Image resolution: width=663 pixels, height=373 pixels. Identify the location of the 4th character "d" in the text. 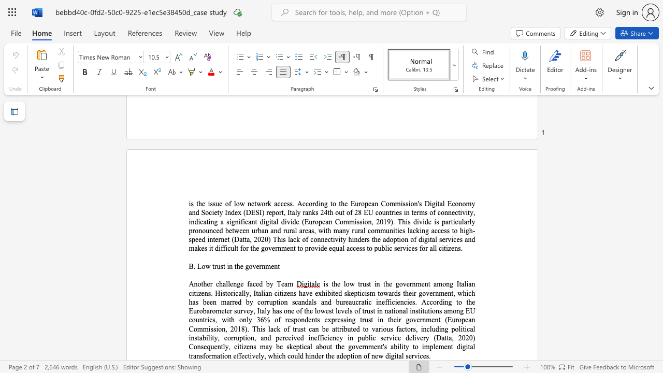
(407, 338).